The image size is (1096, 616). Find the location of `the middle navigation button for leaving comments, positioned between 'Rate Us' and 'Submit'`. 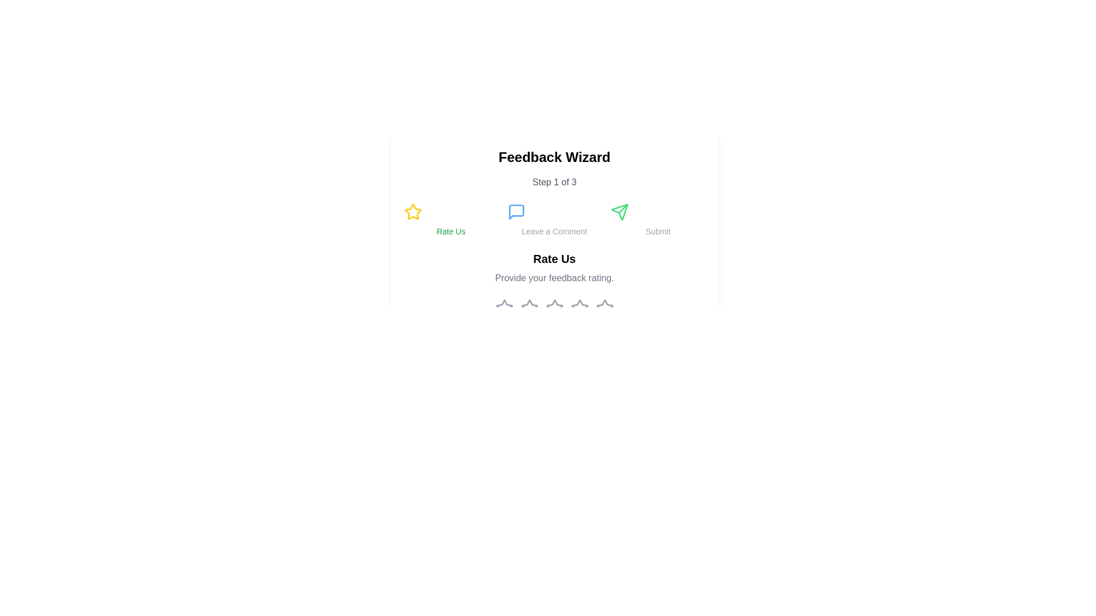

the middle navigation button for leaving comments, positioned between 'Rate Us' and 'Submit' is located at coordinates (554, 220).